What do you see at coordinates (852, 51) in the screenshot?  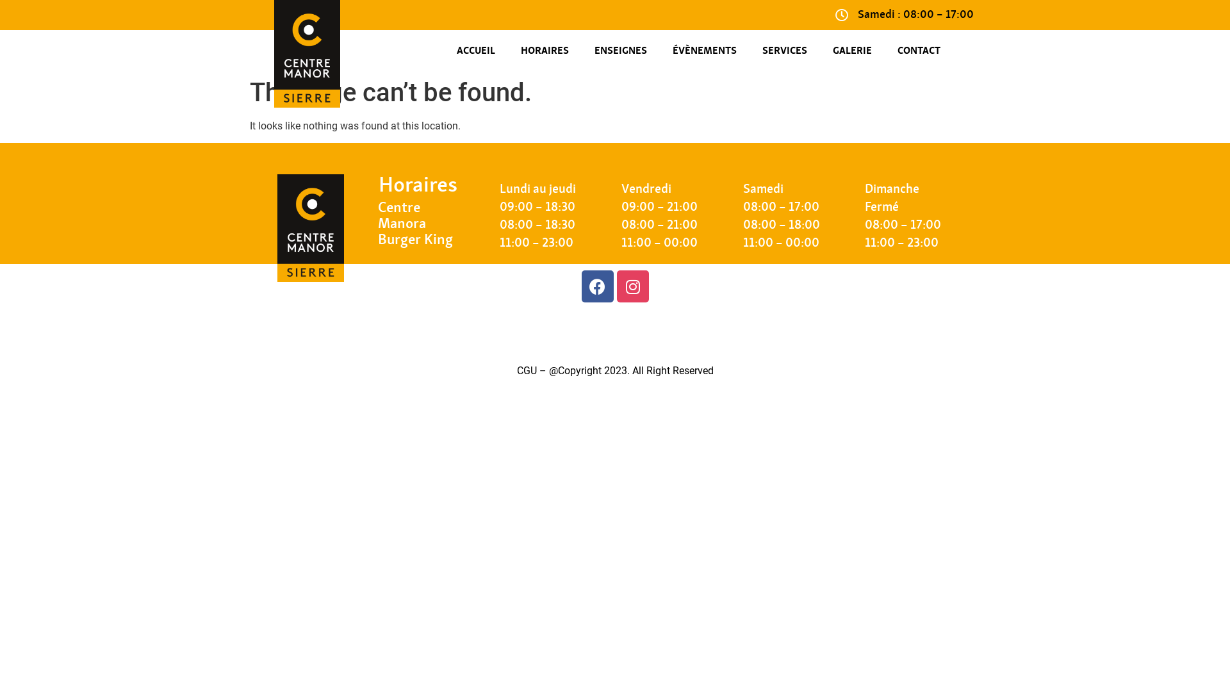 I see `'GALERIE'` at bounding box center [852, 51].